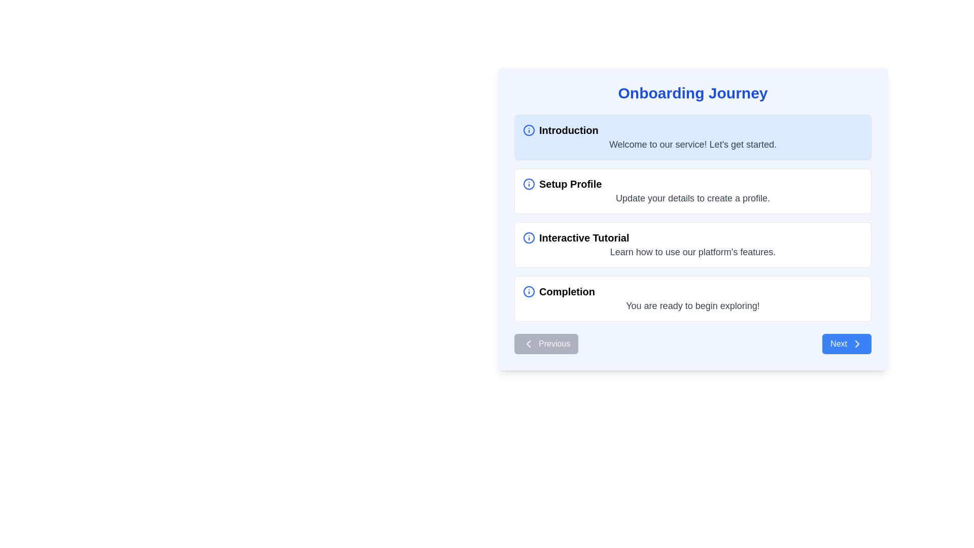 Image resolution: width=974 pixels, height=548 pixels. Describe the element at coordinates (856, 344) in the screenshot. I see `the SVG icon element that visually indicates the 'Next' button's purpose, located at the bottom-right corner of the interface` at that location.